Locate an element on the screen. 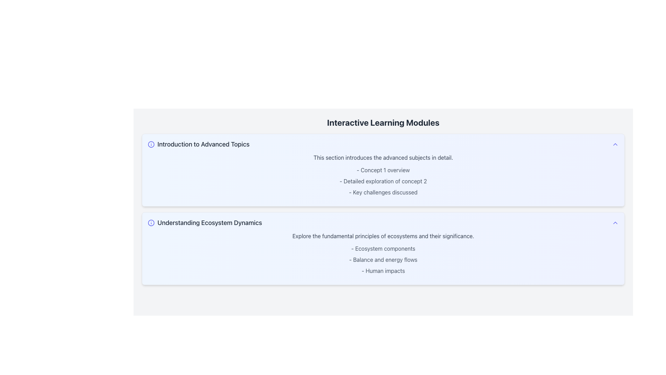 The image size is (666, 375). the small circular light blue icon located to the left of the text 'Introduction to Advanced Topics' is located at coordinates (151, 144).